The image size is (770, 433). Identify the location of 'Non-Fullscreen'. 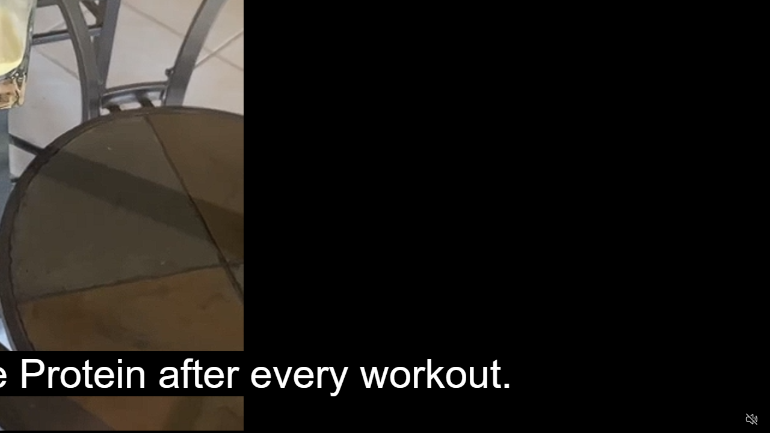
(728, 419).